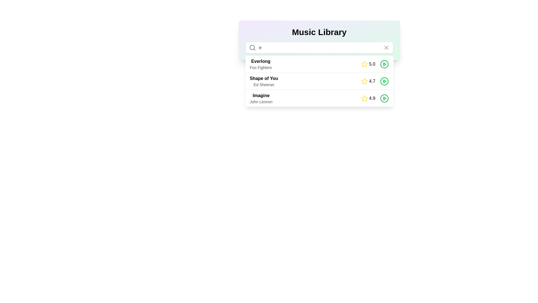  Describe the element at coordinates (263, 79) in the screenshot. I see `the bold text element that reads 'Shape of You' in the music list` at that location.